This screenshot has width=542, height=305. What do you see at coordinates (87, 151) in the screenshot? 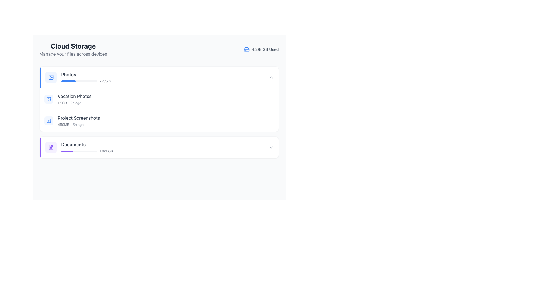
I see `displayed information from the progress bar labeled '1.8/3 GB' within the 'Documents' section, located at the bottom of the list` at bounding box center [87, 151].